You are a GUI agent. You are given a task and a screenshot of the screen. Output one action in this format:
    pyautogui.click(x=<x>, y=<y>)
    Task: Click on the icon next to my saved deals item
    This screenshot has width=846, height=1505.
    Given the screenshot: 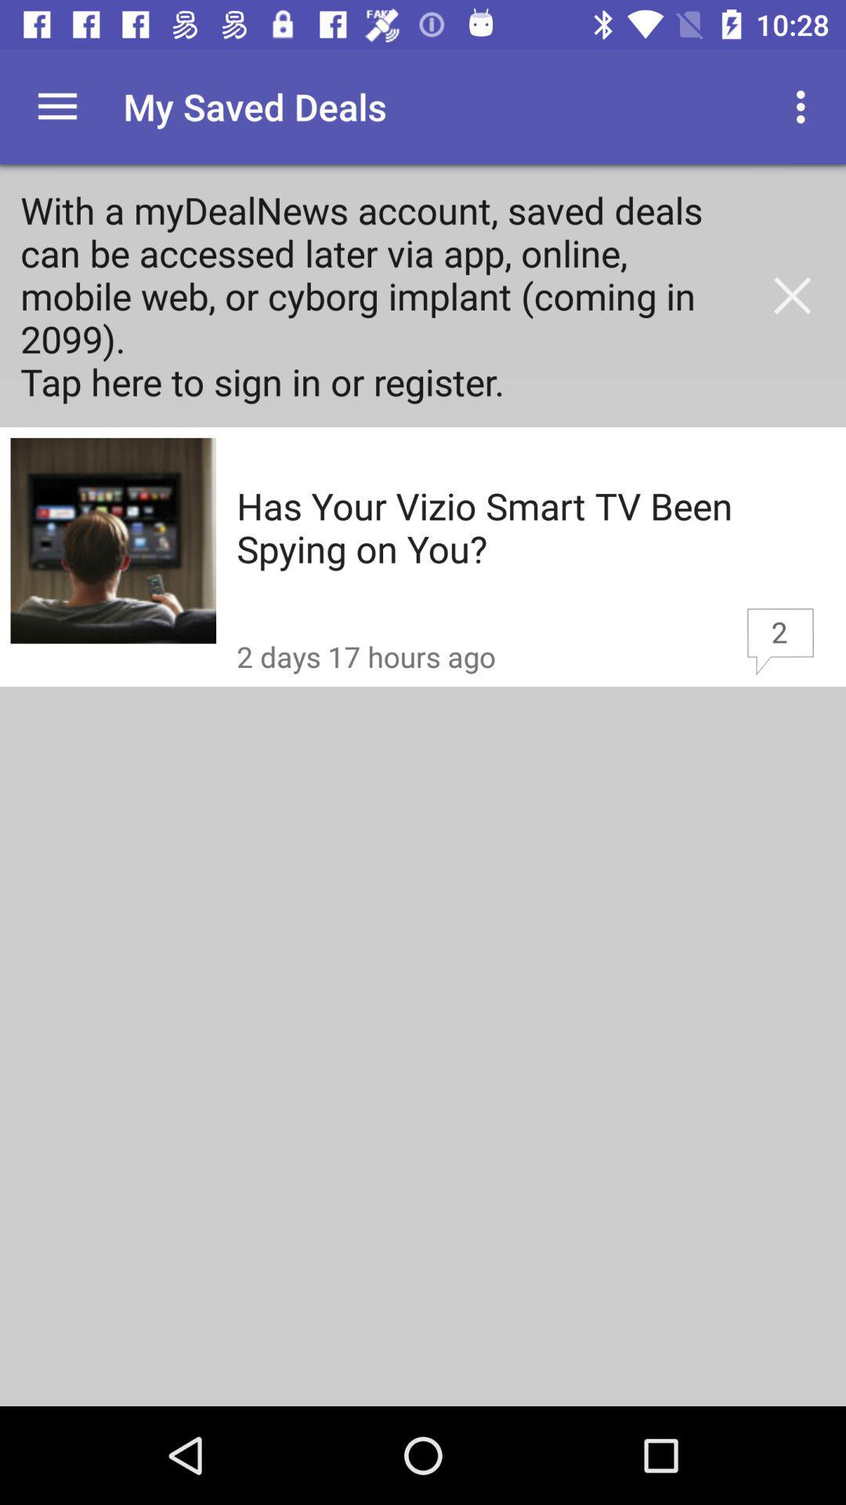 What is the action you would take?
    pyautogui.click(x=804, y=106)
    